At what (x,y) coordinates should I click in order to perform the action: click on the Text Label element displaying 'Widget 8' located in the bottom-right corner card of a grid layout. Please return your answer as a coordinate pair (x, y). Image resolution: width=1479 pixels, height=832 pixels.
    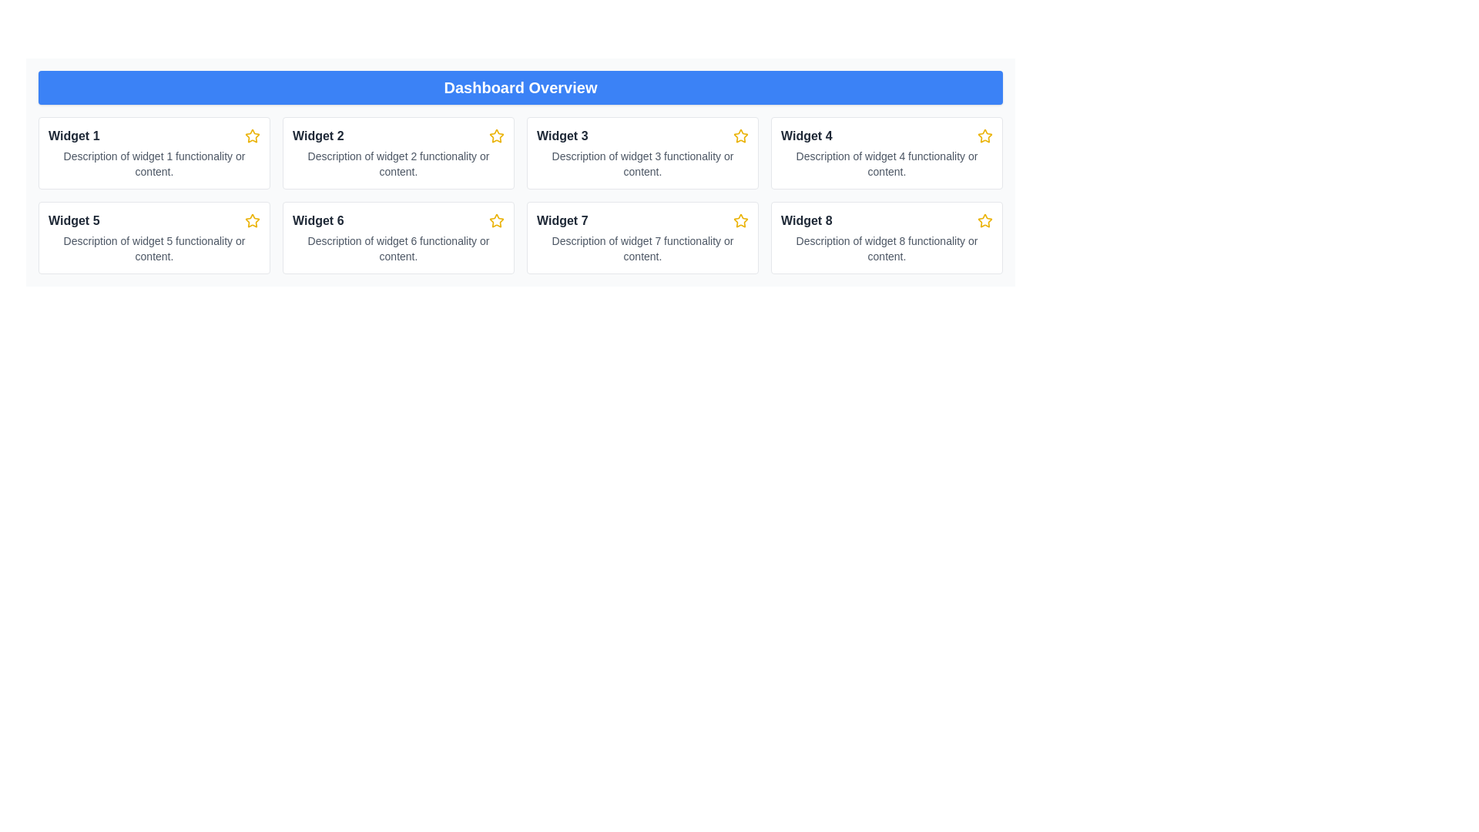
    Looking at the image, I should click on (806, 220).